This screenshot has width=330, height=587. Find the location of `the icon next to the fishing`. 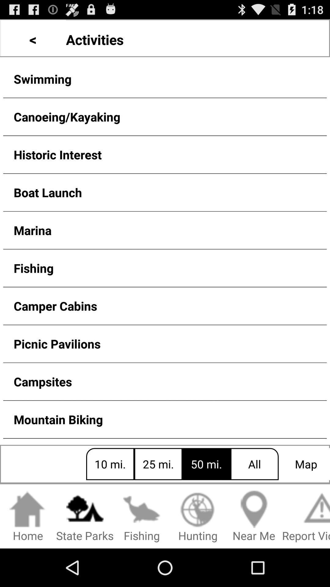

the icon next to the fishing is located at coordinates (198, 516).